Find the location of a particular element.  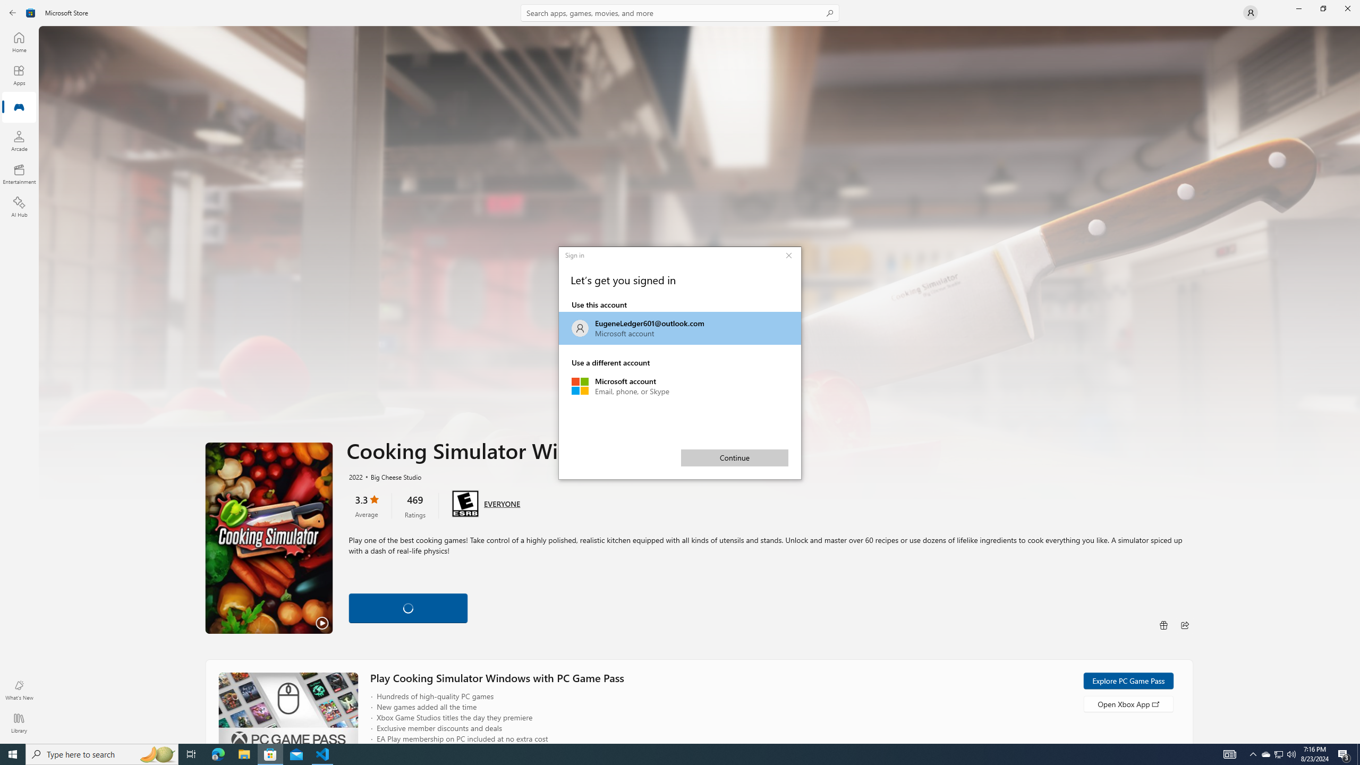

'Apps' is located at coordinates (18, 75).